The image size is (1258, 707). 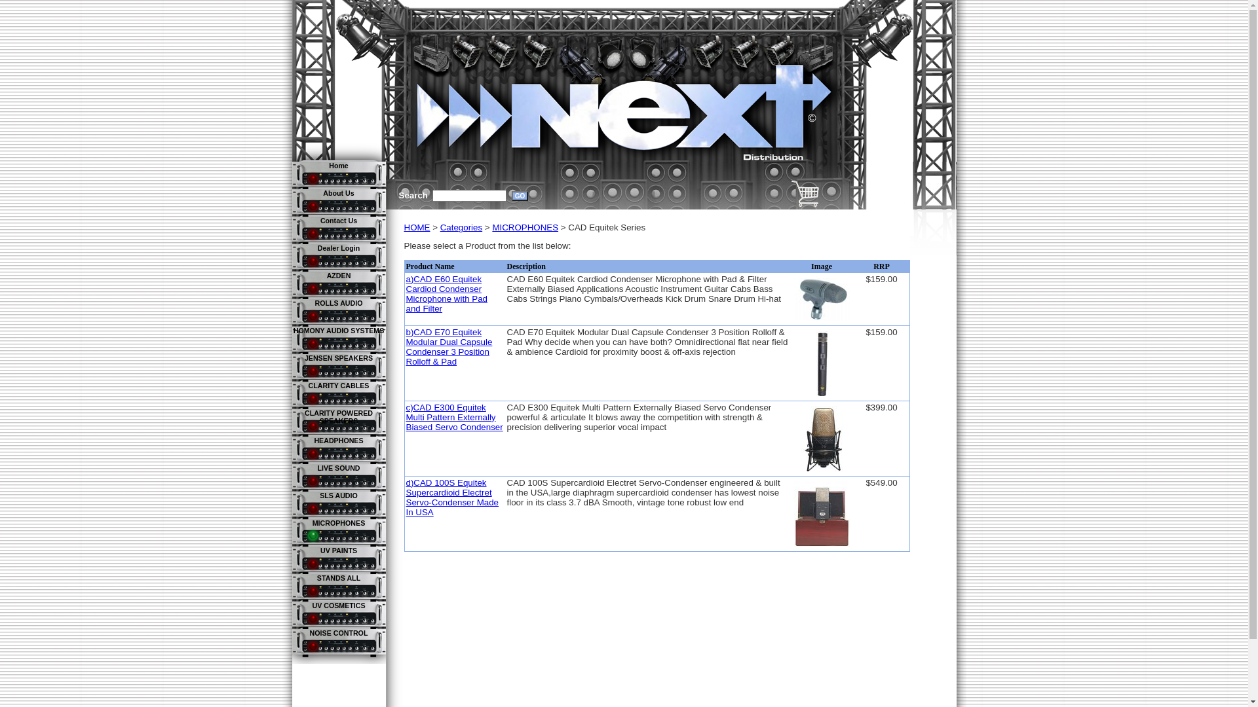 What do you see at coordinates (339, 165) in the screenshot?
I see `'Home'` at bounding box center [339, 165].